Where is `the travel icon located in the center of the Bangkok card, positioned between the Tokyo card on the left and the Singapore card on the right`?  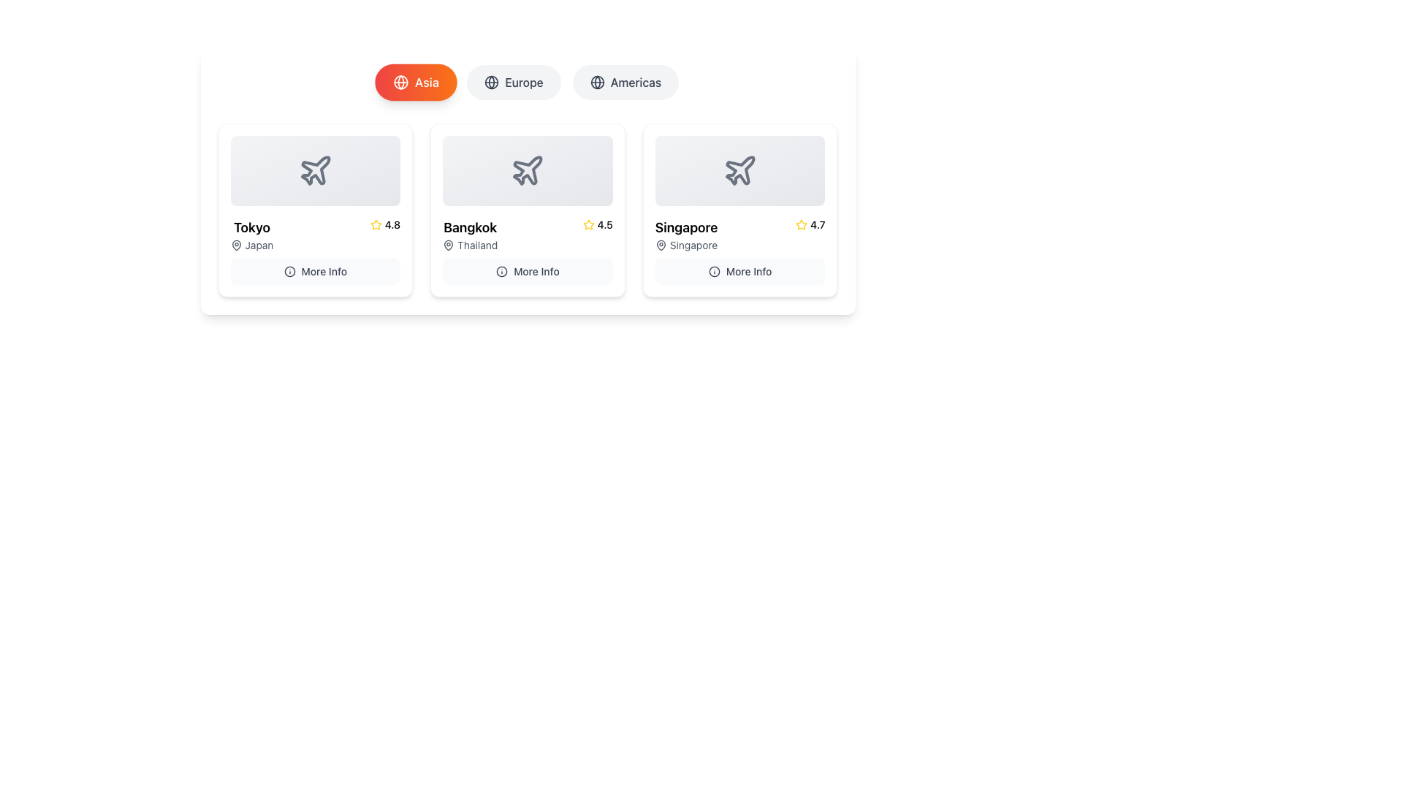 the travel icon located in the center of the Bangkok card, positioned between the Tokyo card on the left and the Singapore card on the right is located at coordinates (527, 169).